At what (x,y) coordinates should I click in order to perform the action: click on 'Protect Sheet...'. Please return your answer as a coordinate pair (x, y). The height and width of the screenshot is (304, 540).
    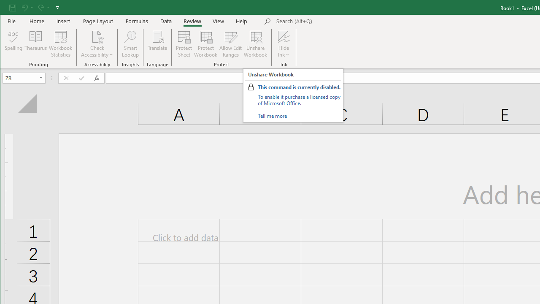
    Looking at the image, I should click on (184, 44).